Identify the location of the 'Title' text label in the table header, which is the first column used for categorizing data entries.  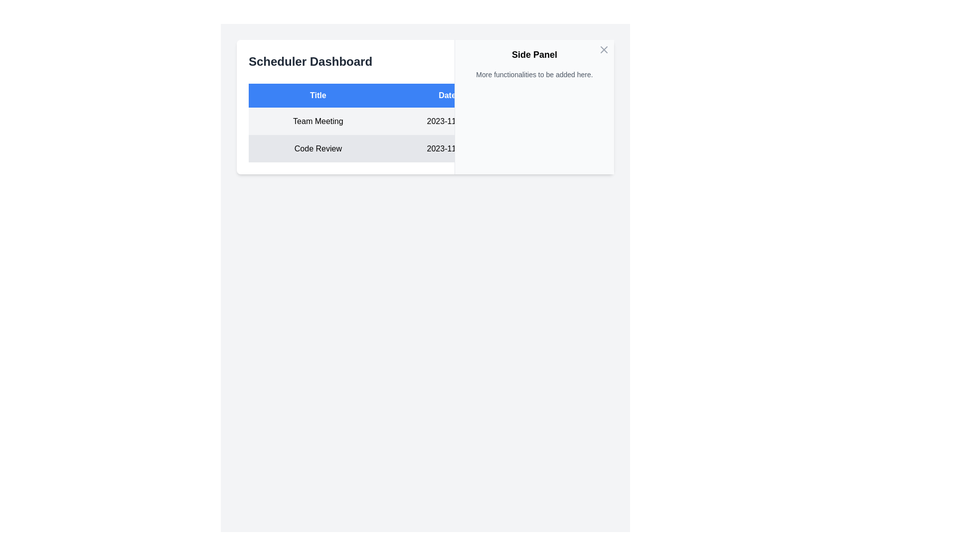
(318, 96).